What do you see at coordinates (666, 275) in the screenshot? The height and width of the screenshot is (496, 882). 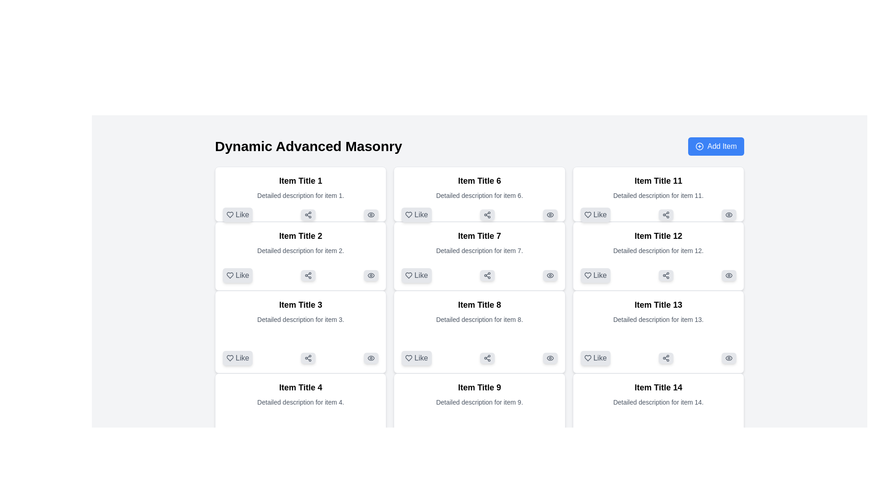 I see `the 'Share' button located at the bottom-right corner of the card with the title 'Item Title 12'` at bounding box center [666, 275].